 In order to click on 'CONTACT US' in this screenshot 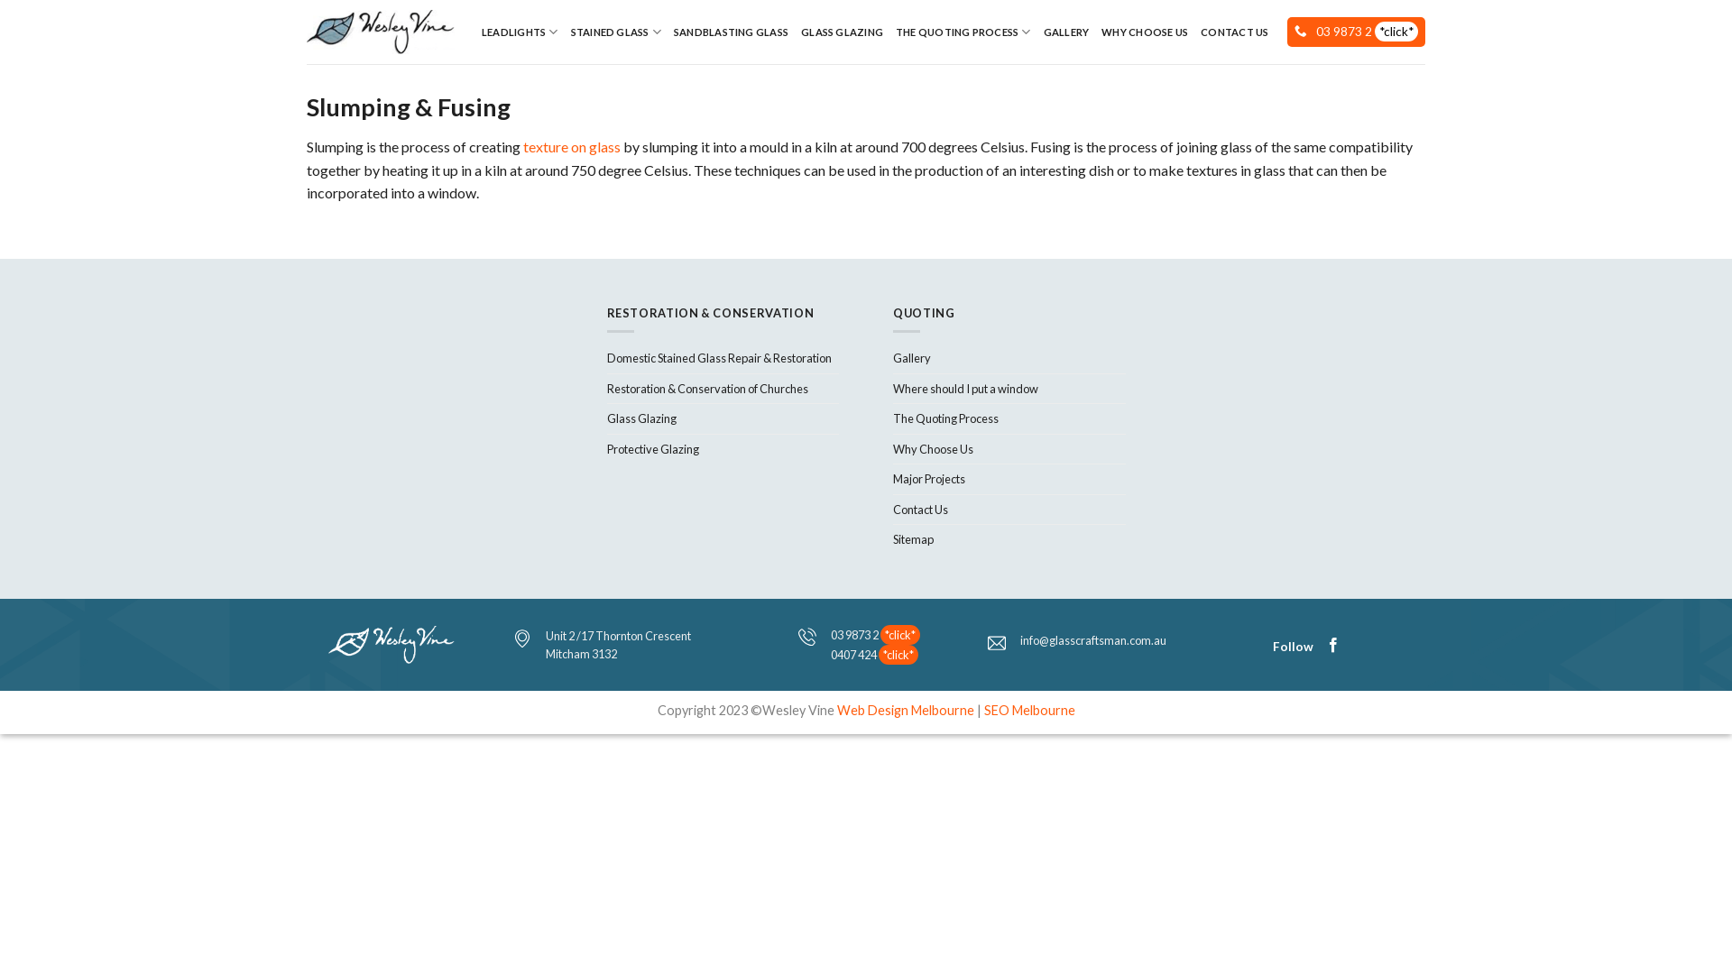, I will do `click(1233, 32)`.